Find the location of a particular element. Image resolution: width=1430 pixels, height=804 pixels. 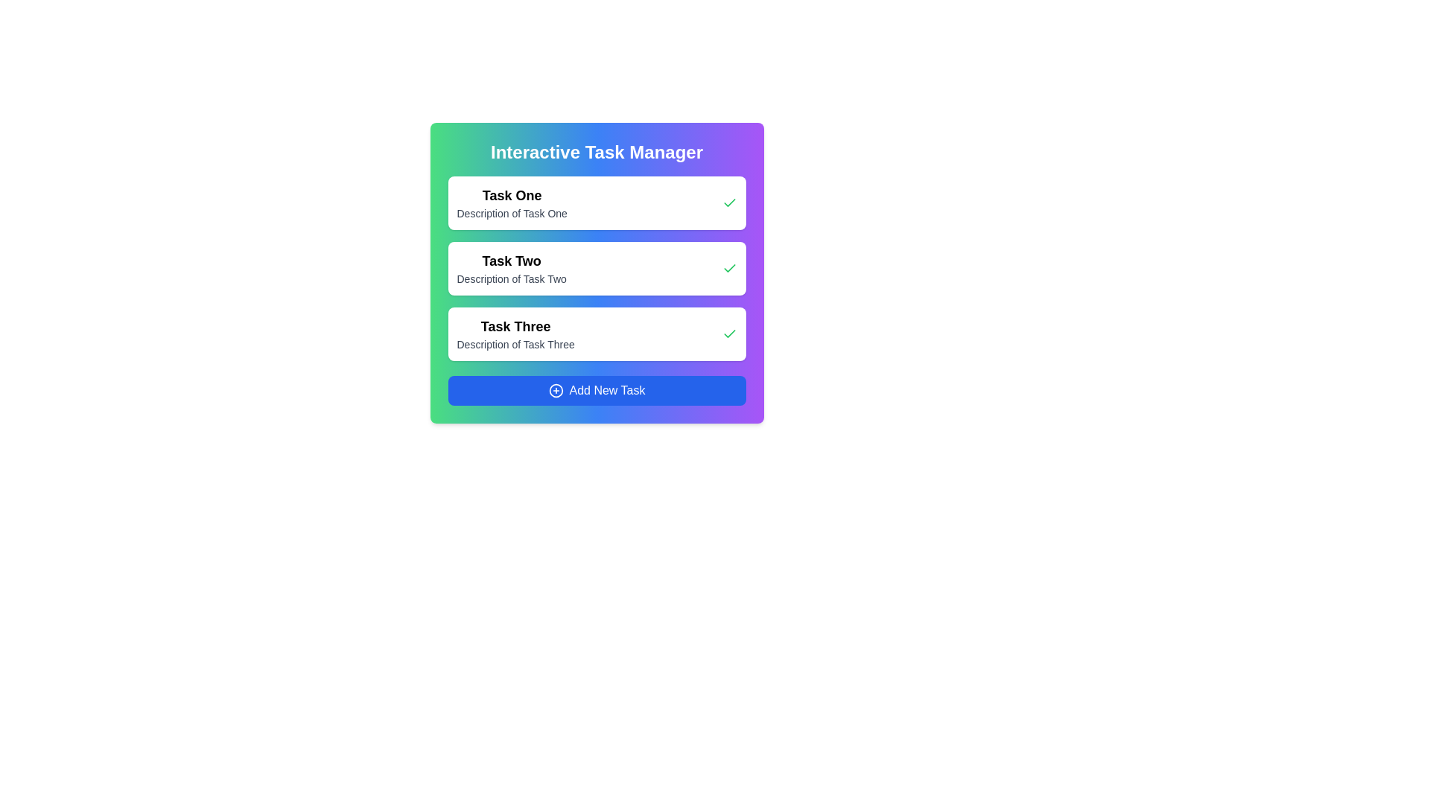

the green check icon indicating success or completion located to the right of 'Task Two' is located at coordinates (729, 269).